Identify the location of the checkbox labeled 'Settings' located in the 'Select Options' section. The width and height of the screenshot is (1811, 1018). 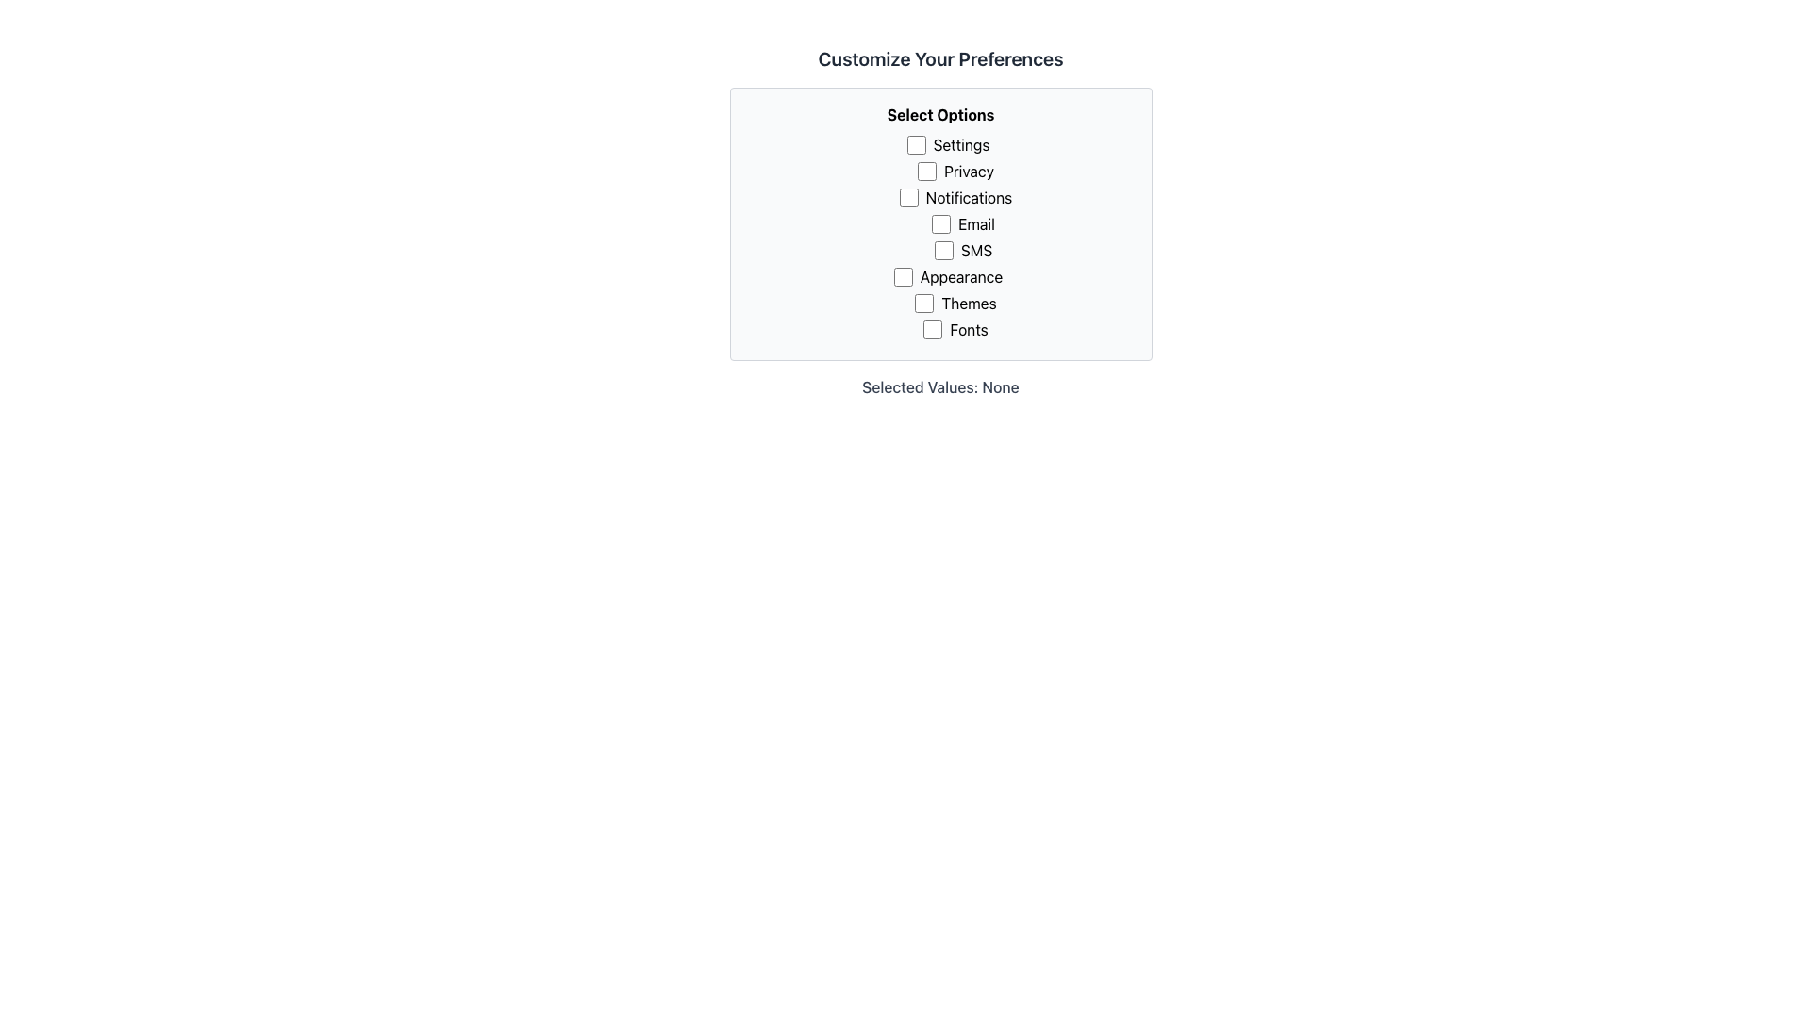
(916, 144).